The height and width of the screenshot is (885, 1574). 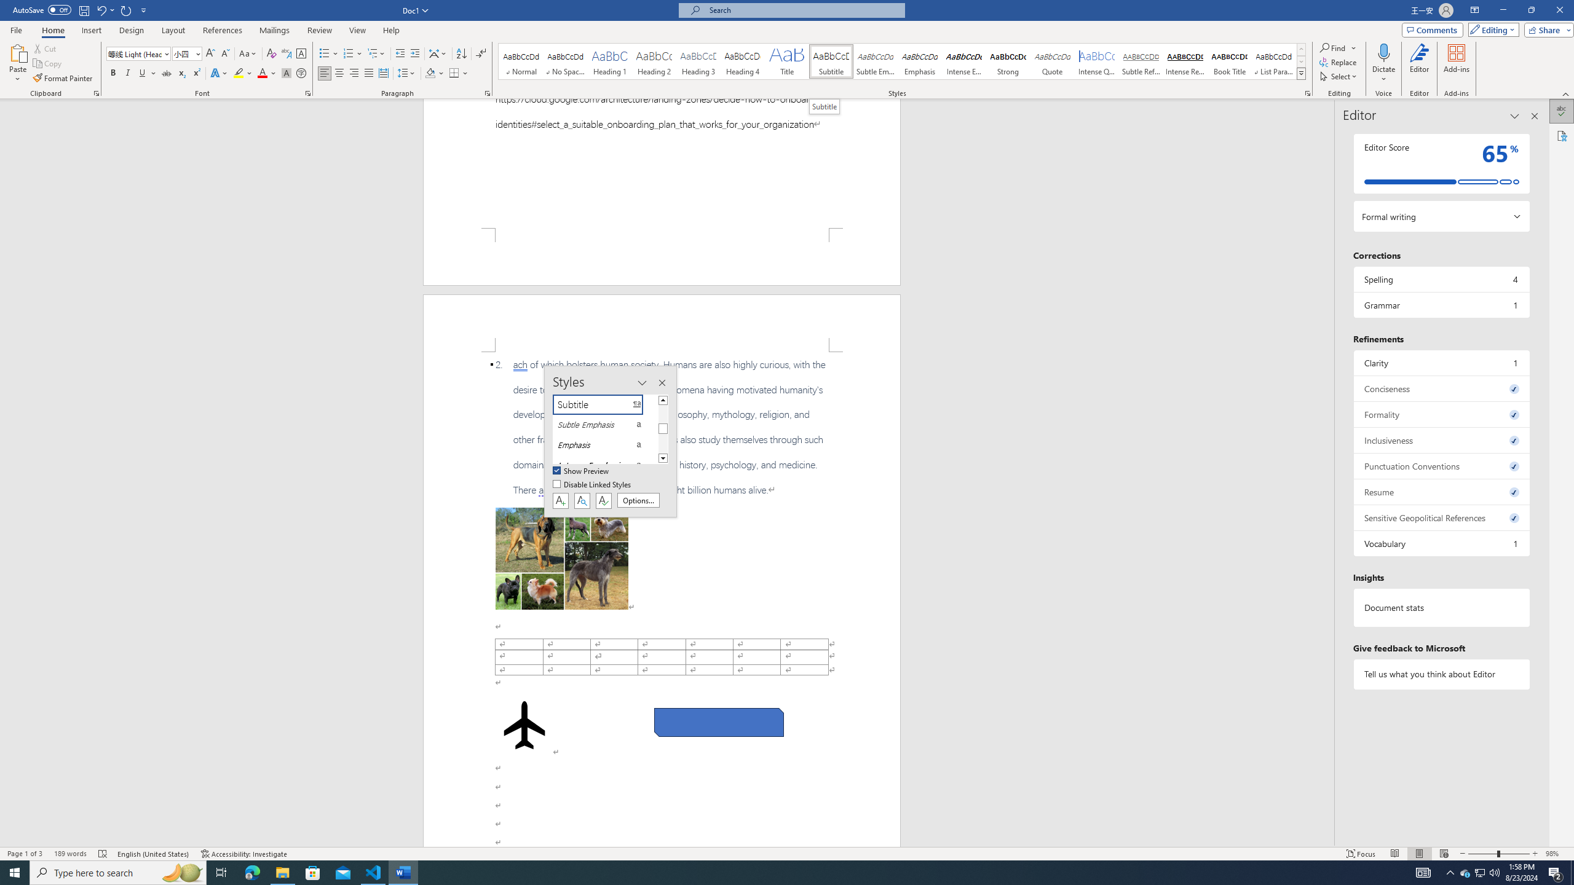 What do you see at coordinates (1514, 116) in the screenshot?
I see `'Task Pane Options'` at bounding box center [1514, 116].